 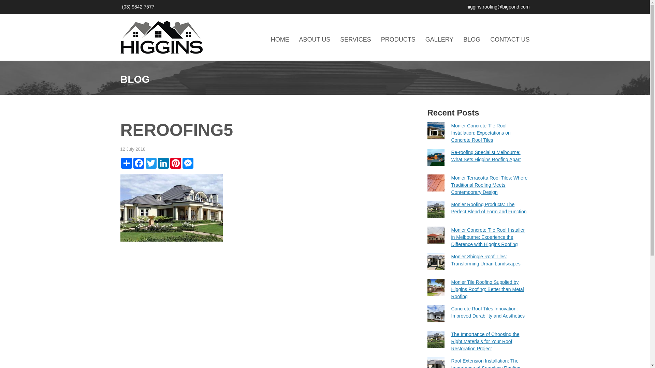 What do you see at coordinates (451, 260) in the screenshot?
I see `'Monier Shingle Roof Tiles: Transforming Urban Landscapes'` at bounding box center [451, 260].